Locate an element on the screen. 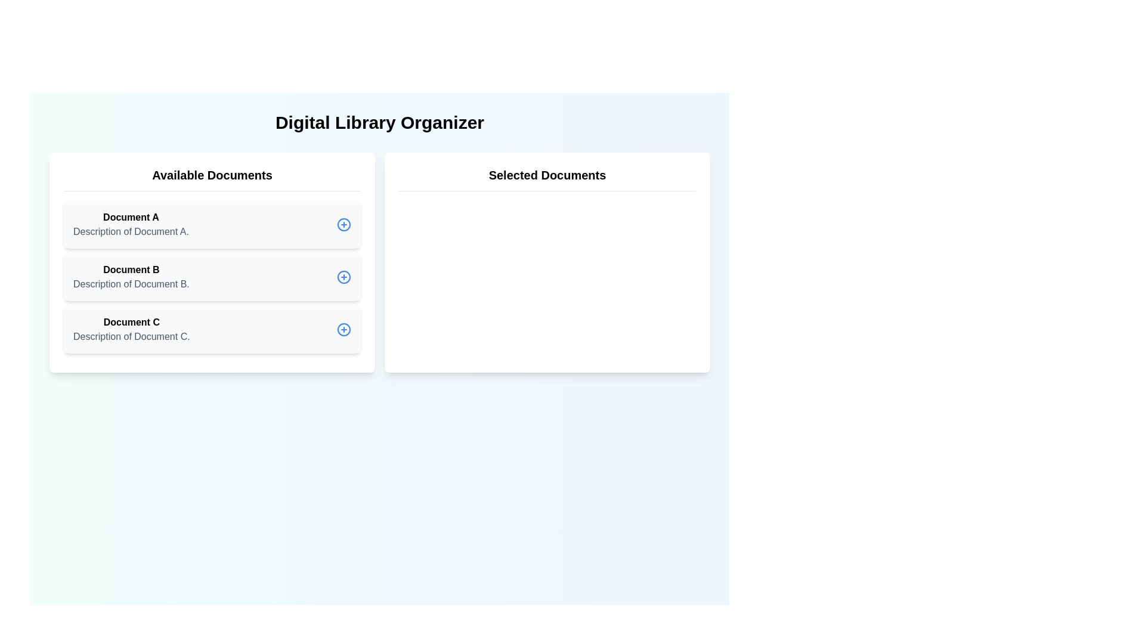  the header text element that indicates the purpose of the containing section for available documents, located at the top left of the box is located at coordinates (212, 179).